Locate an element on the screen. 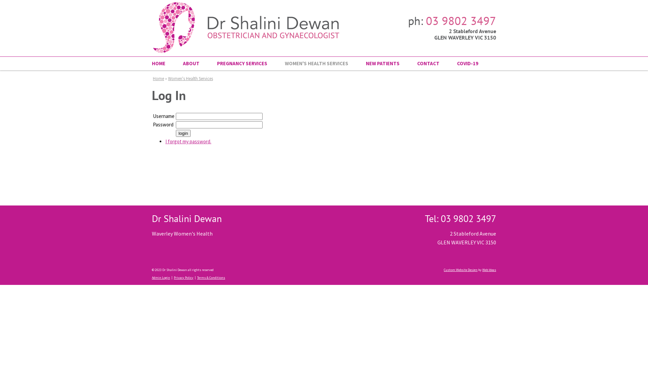 This screenshot has height=365, width=648. 'Women's Health Services' is located at coordinates (190, 78).